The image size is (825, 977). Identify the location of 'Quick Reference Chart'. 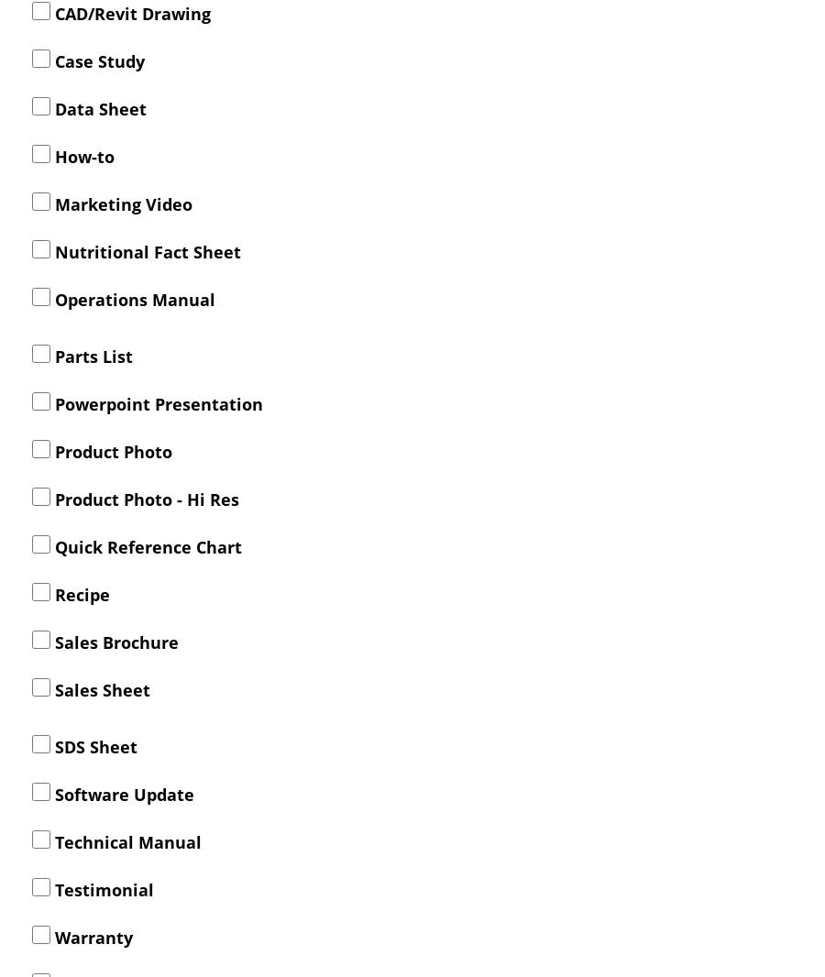
(49, 545).